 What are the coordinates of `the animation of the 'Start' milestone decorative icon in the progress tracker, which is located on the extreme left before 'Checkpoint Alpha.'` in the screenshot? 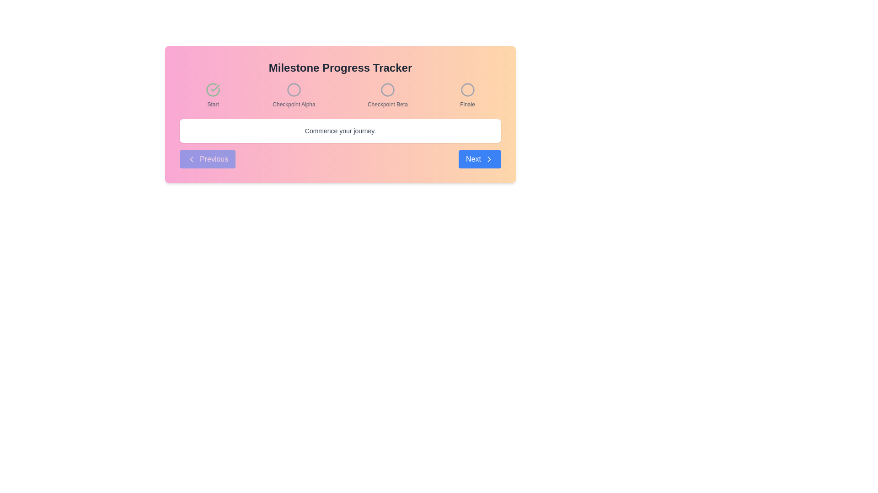 It's located at (213, 95).